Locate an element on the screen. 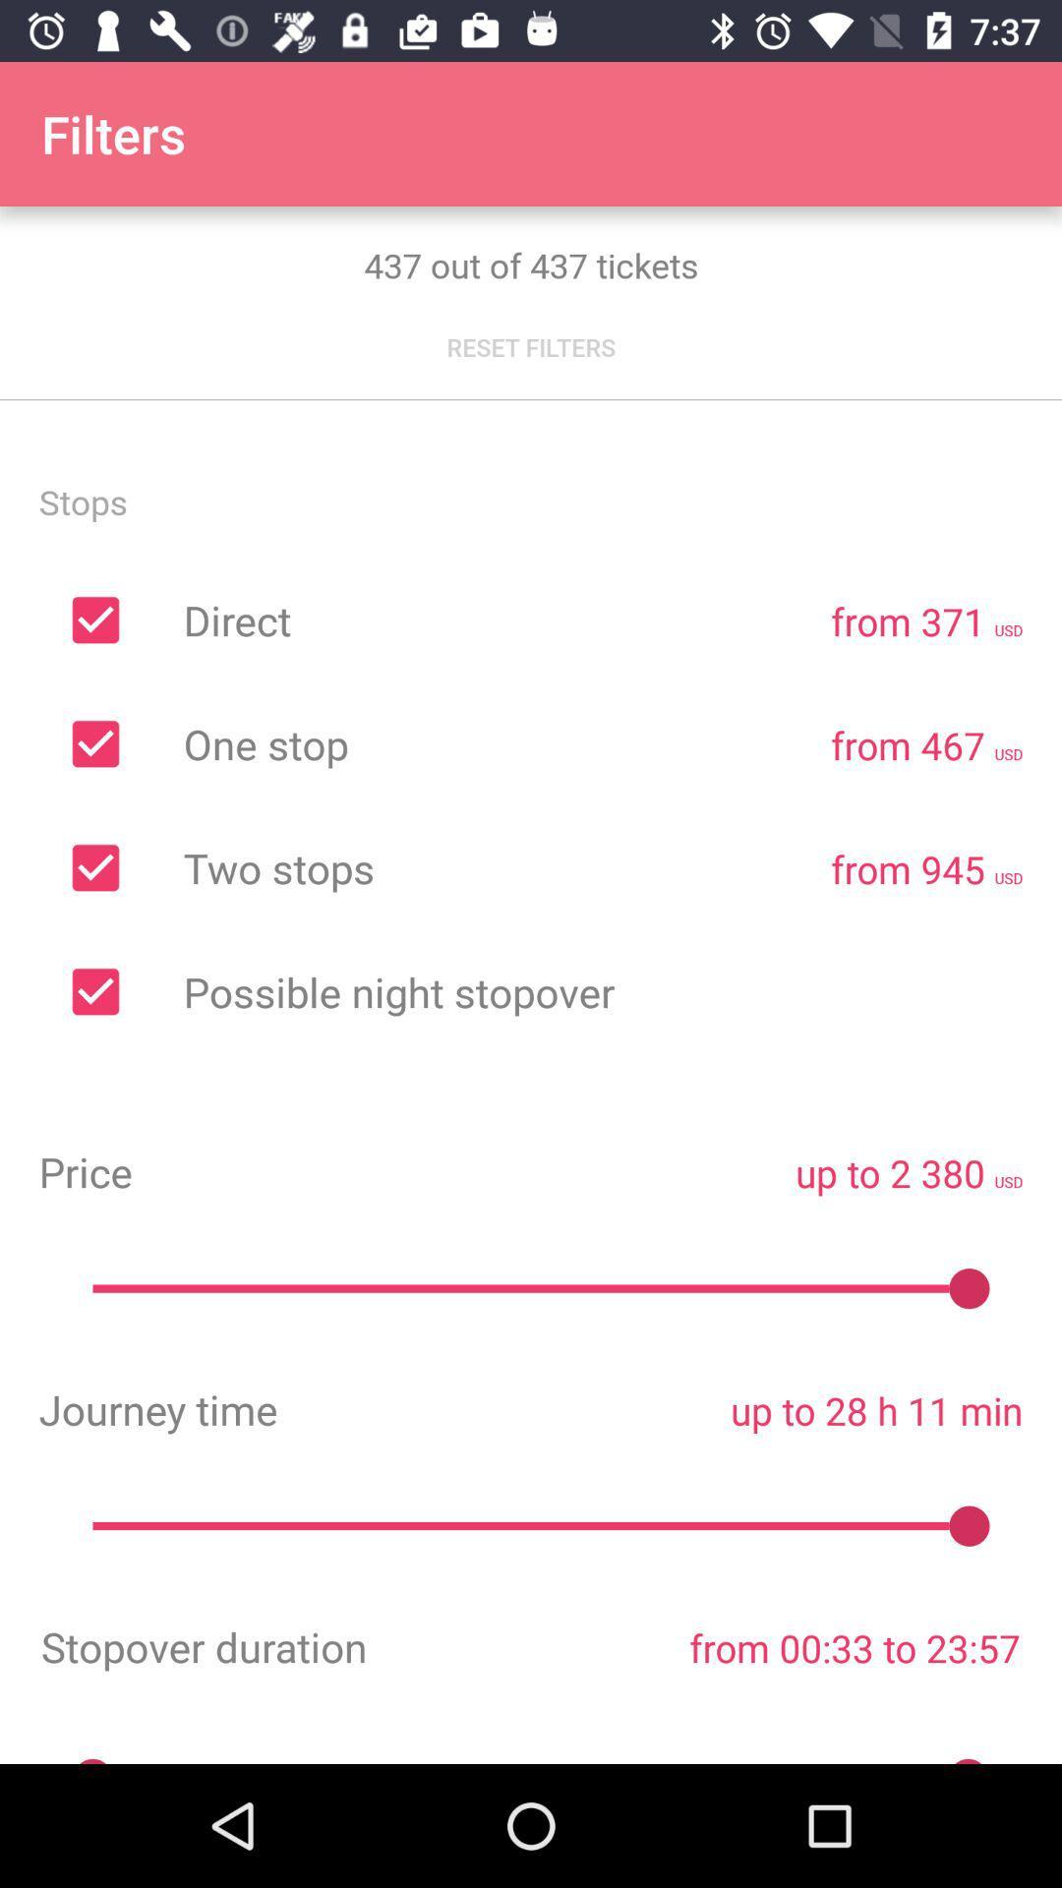  reset filters is located at coordinates (531, 347).